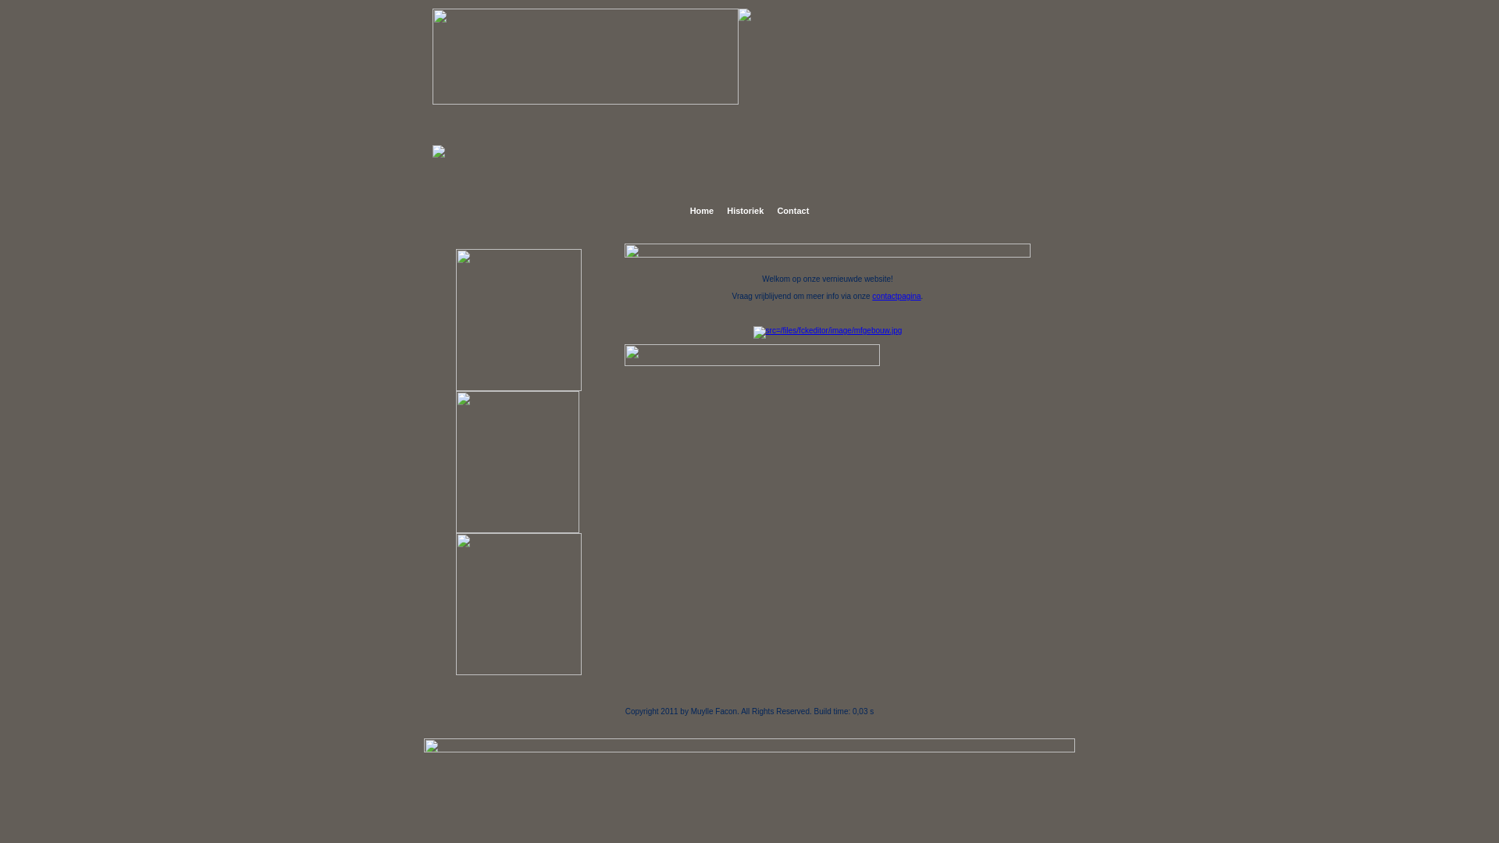 The image size is (1499, 843). What do you see at coordinates (685, 211) in the screenshot?
I see `'Home'` at bounding box center [685, 211].